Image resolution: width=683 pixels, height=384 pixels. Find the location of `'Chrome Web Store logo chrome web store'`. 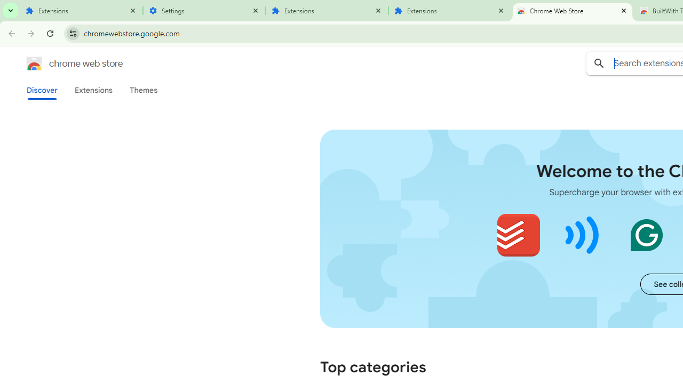

'Chrome Web Store logo chrome web store' is located at coordinates (63, 63).